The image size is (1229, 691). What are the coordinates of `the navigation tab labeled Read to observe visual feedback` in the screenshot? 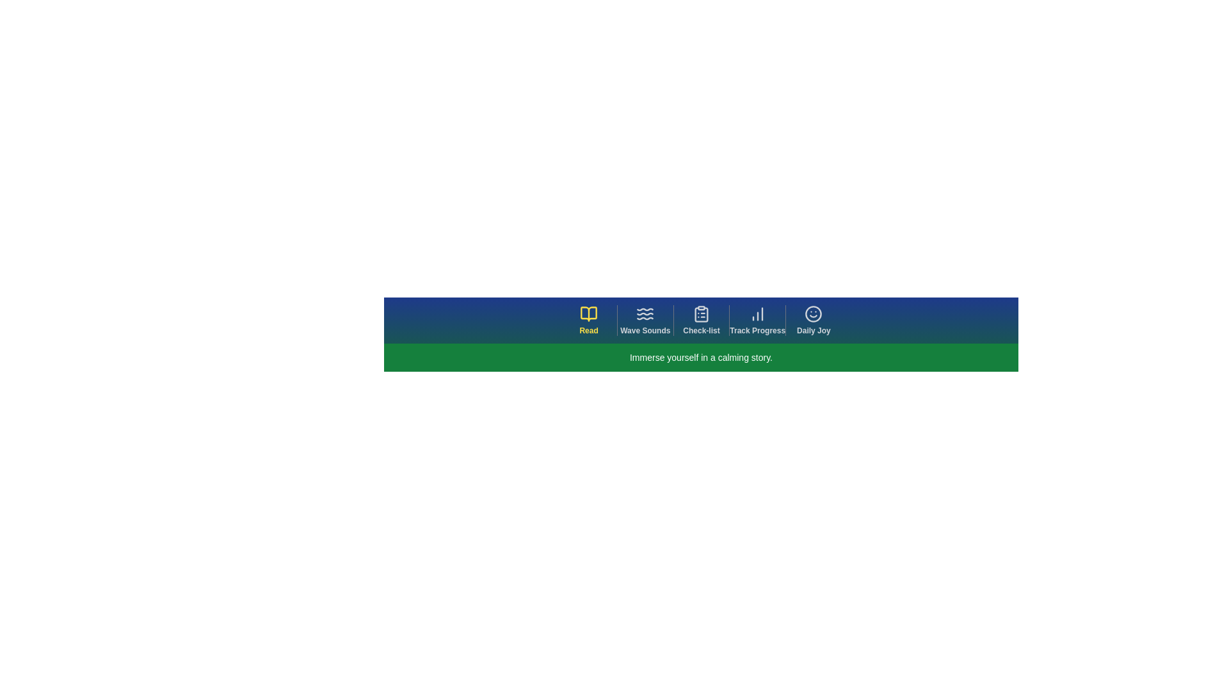 It's located at (588, 320).